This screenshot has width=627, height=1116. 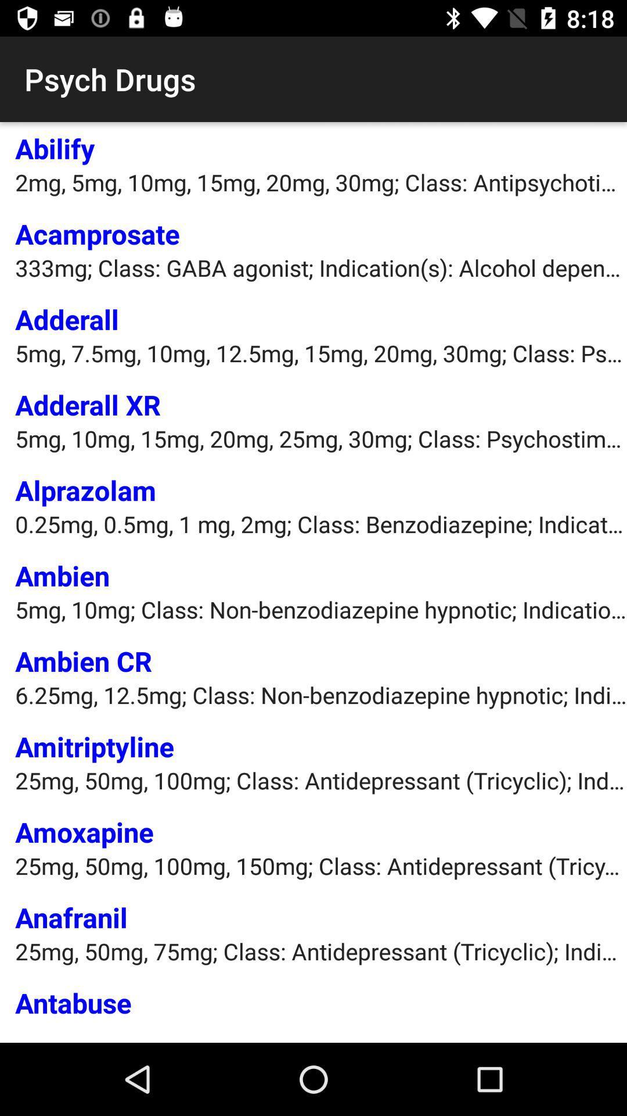 I want to click on item above the 25mg 50mg 100mg, so click(x=94, y=746).